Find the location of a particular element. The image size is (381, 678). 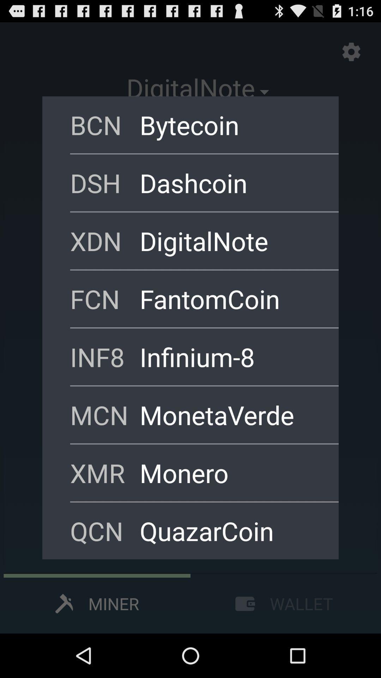

the icon next to fcn icon is located at coordinates (230, 299).